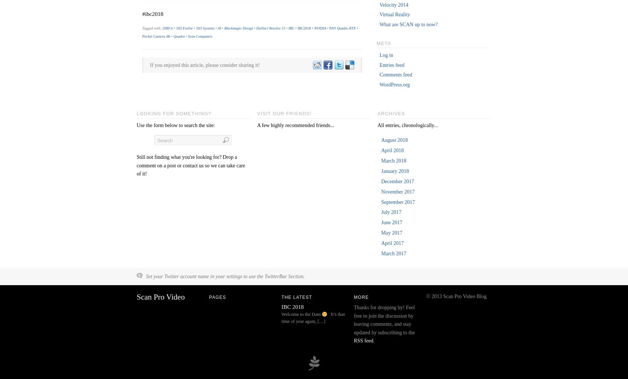  I want to click on '2080 ti', so click(167, 27).